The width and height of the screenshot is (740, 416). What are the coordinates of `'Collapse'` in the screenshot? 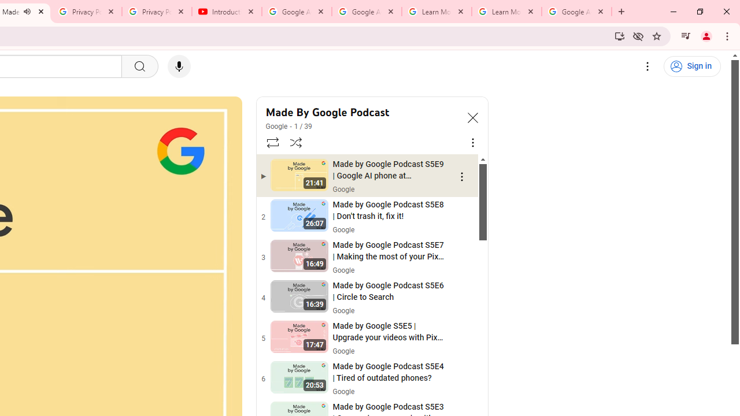 It's located at (472, 117).